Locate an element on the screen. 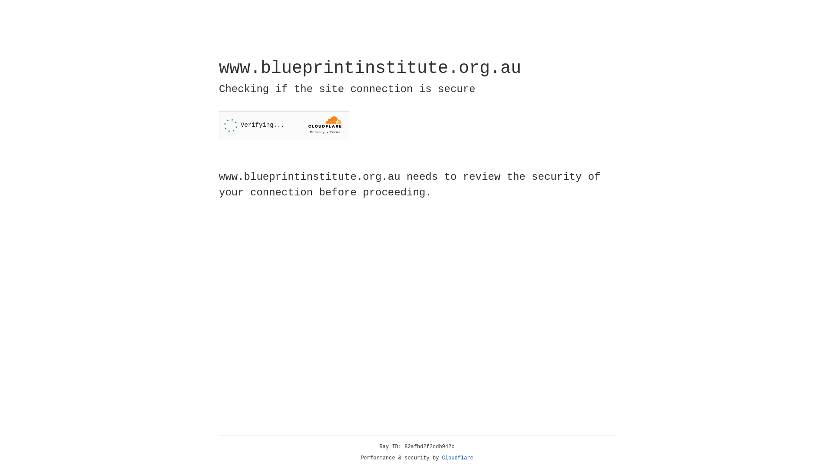 The image size is (834, 469). 'Widget containing a Cloudflare security challenge' is located at coordinates (284, 125).